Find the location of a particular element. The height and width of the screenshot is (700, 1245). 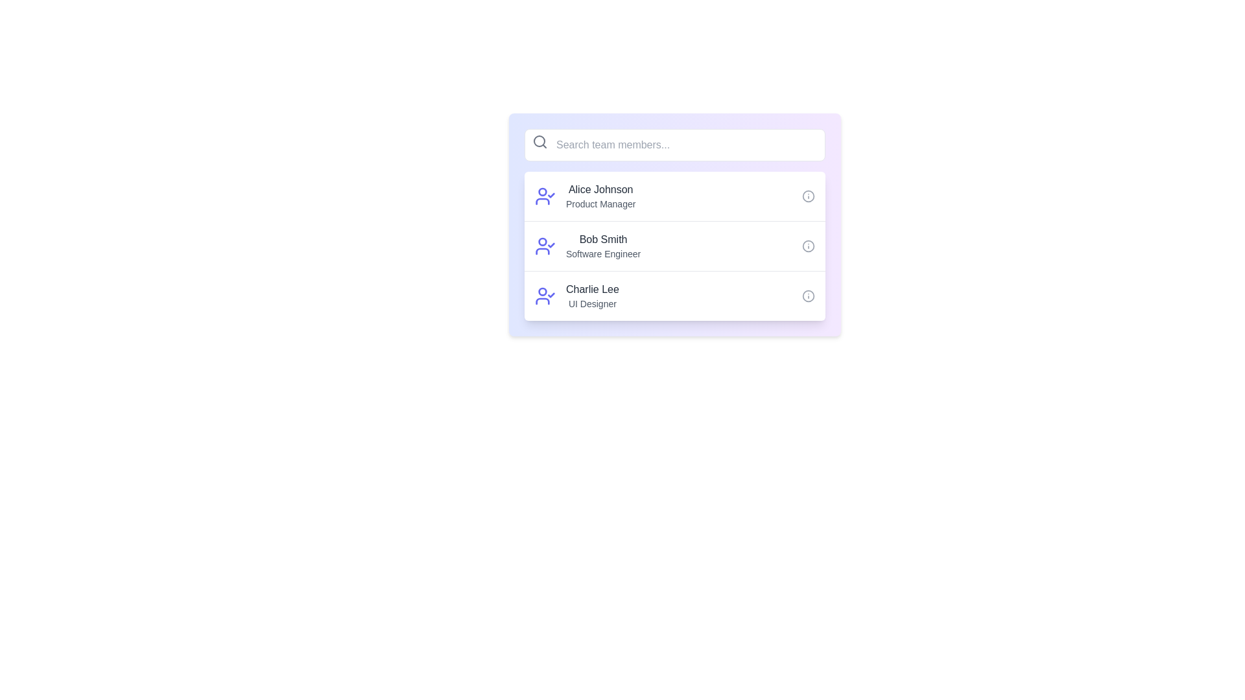

the list item displaying 'Bob Smith', which is the second entry in the vertical list is located at coordinates (674, 246).